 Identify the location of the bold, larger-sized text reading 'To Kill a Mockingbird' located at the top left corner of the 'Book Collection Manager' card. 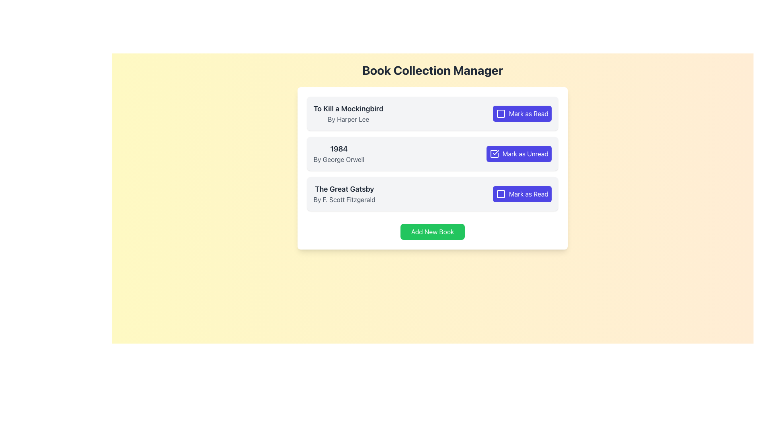
(348, 108).